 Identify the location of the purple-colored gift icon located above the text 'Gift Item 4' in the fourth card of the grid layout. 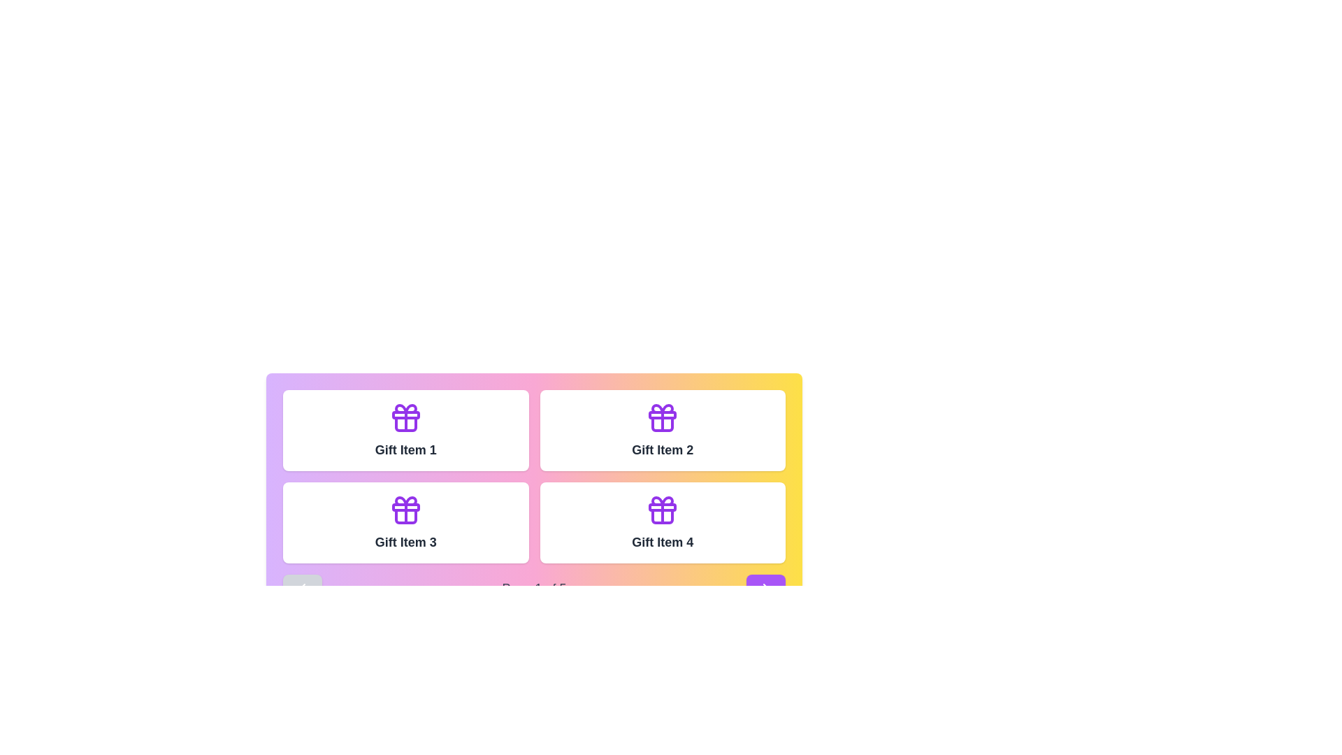
(662, 510).